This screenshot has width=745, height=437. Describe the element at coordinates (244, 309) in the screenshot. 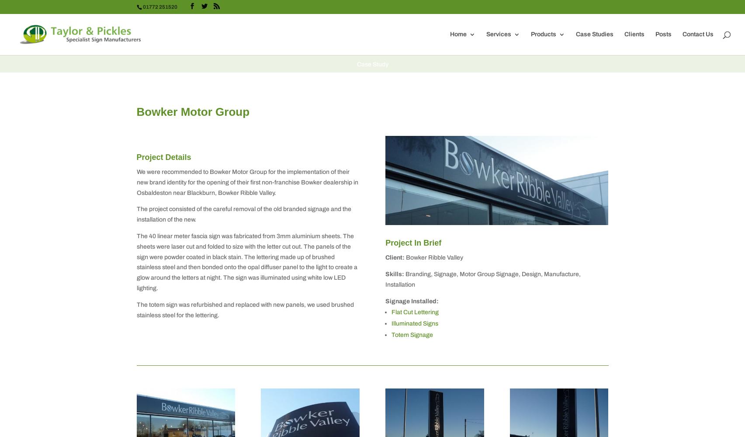

I see `'The totem sign was refurbished and replaced with new panels, we used brushed stainless steel for the lettering.'` at that location.